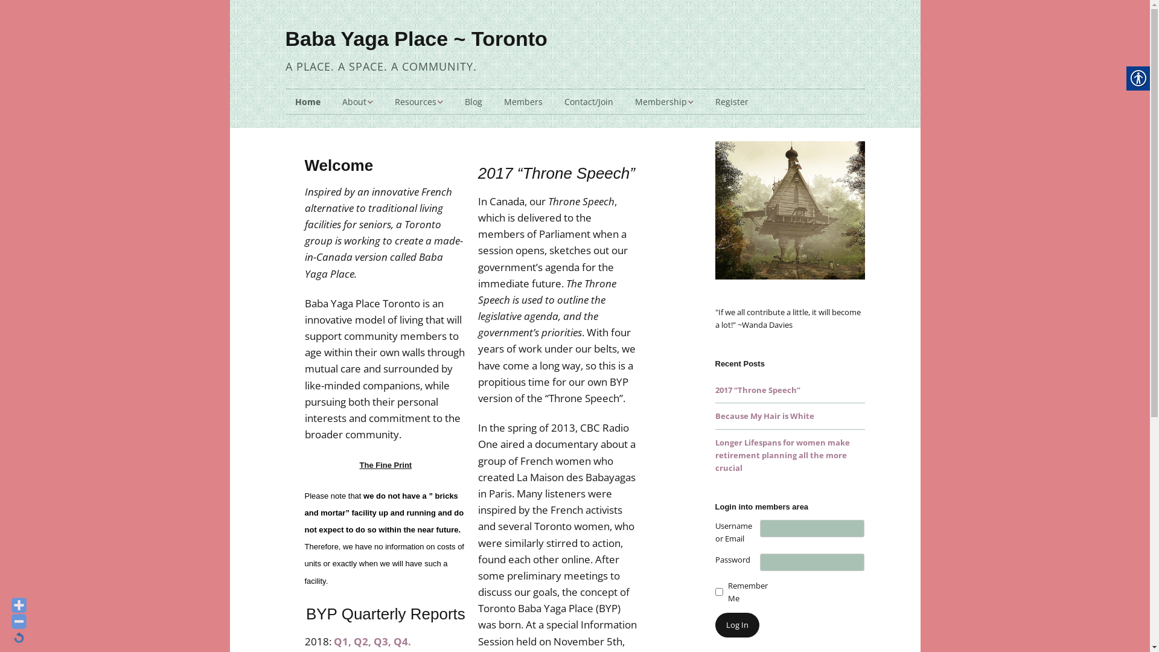  Describe the element at coordinates (400, 641) in the screenshot. I see `'Q4'` at that location.